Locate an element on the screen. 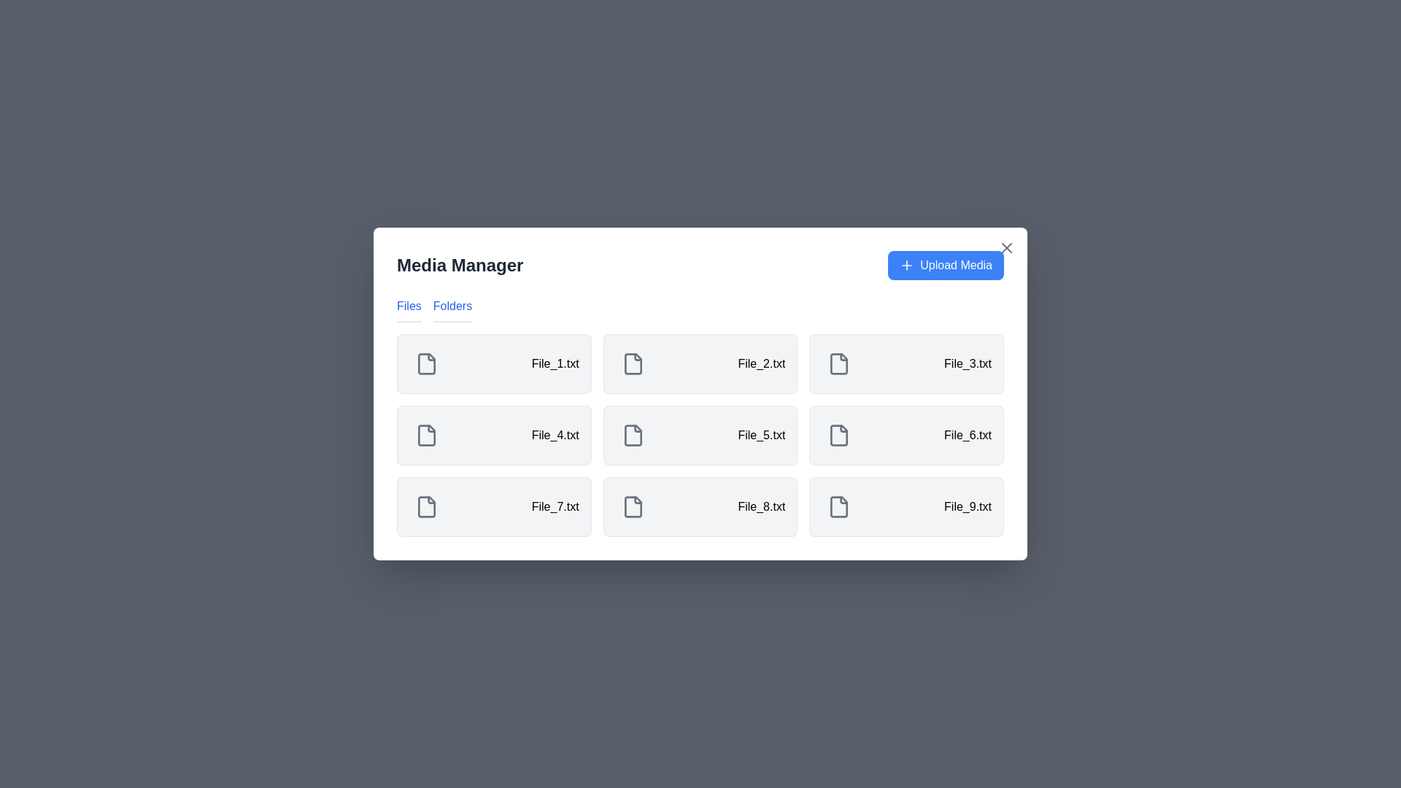  the text label displaying 'File_8.txt' located in the second row, third column of a grid layout, right next to a document icon is located at coordinates (760, 506).